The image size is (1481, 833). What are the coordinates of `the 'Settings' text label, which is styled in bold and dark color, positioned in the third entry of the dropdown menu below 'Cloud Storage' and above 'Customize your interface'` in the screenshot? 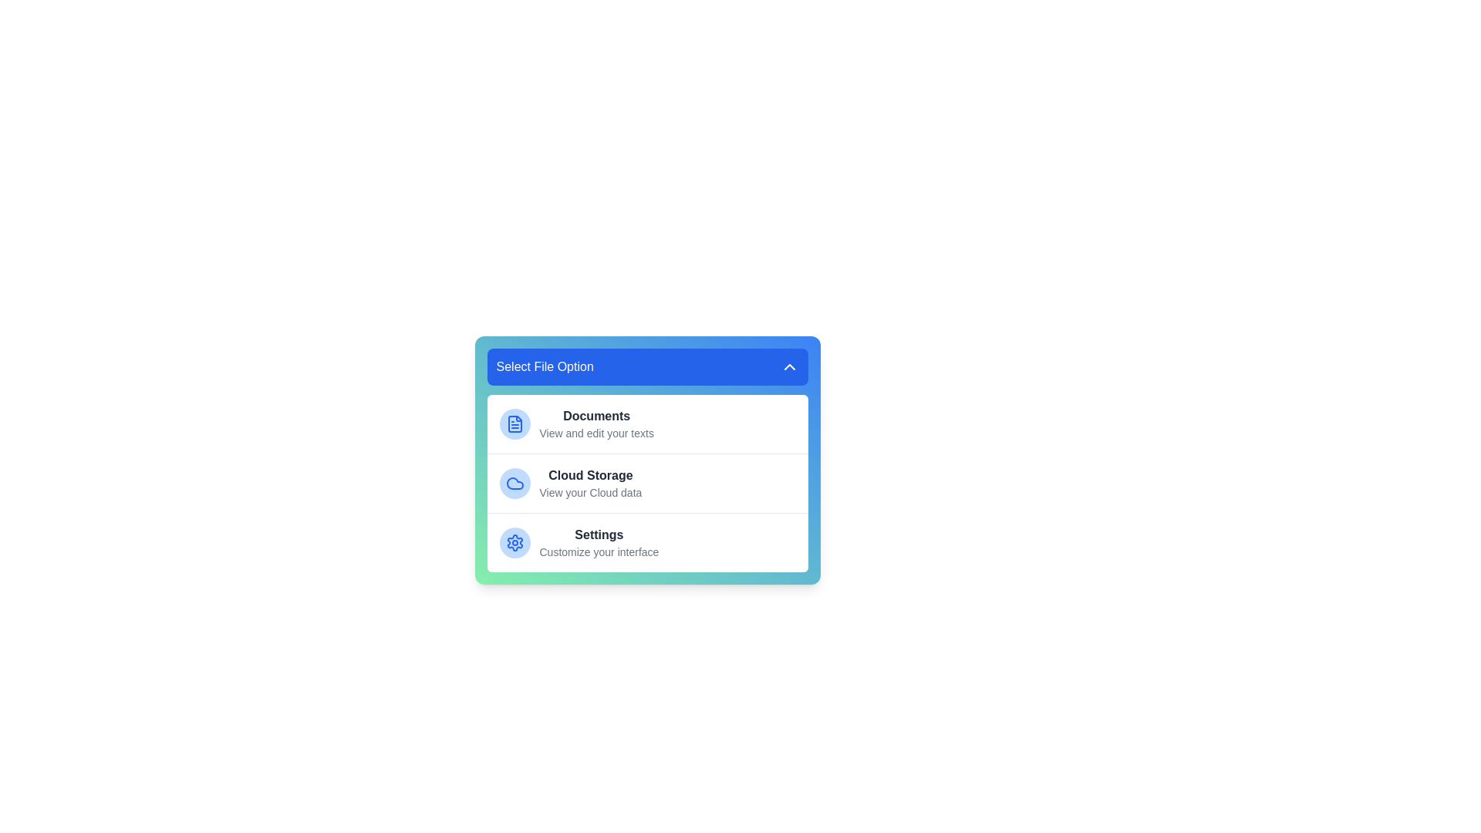 It's located at (598, 535).